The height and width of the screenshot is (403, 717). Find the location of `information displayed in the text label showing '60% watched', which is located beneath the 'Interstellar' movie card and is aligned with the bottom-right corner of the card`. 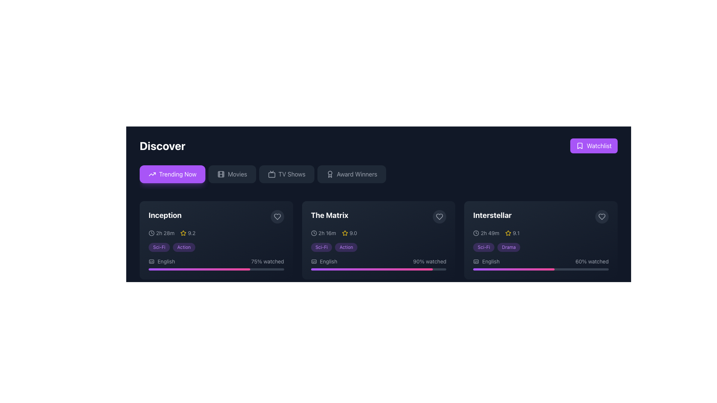

information displayed in the text label showing '60% watched', which is located beneath the 'Interstellar' movie card and is aligned with the bottom-right corner of the card is located at coordinates (592, 261).